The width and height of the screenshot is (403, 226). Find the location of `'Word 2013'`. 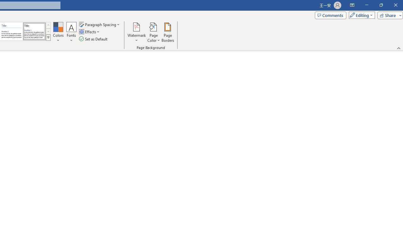

'Word 2013' is located at coordinates (34, 31).